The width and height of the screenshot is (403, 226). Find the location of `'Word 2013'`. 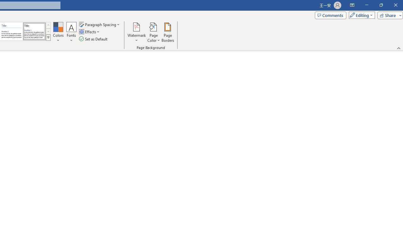

'Word 2013' is located at coordinates (34, 31).